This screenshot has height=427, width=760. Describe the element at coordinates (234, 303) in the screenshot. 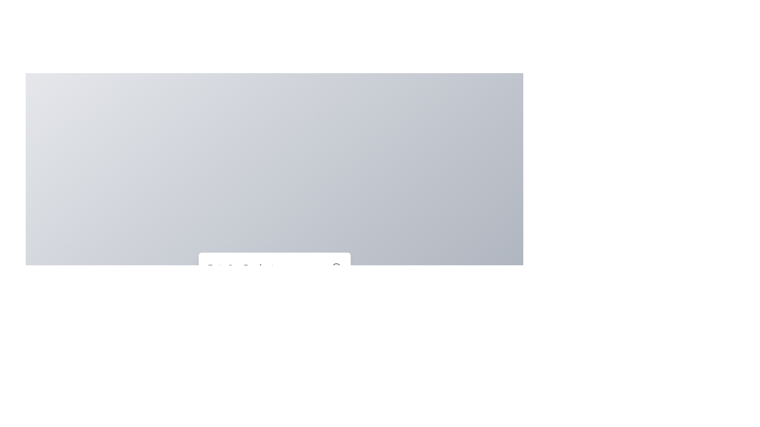

I see `the star corresponding to the desired rating 2` at that location.